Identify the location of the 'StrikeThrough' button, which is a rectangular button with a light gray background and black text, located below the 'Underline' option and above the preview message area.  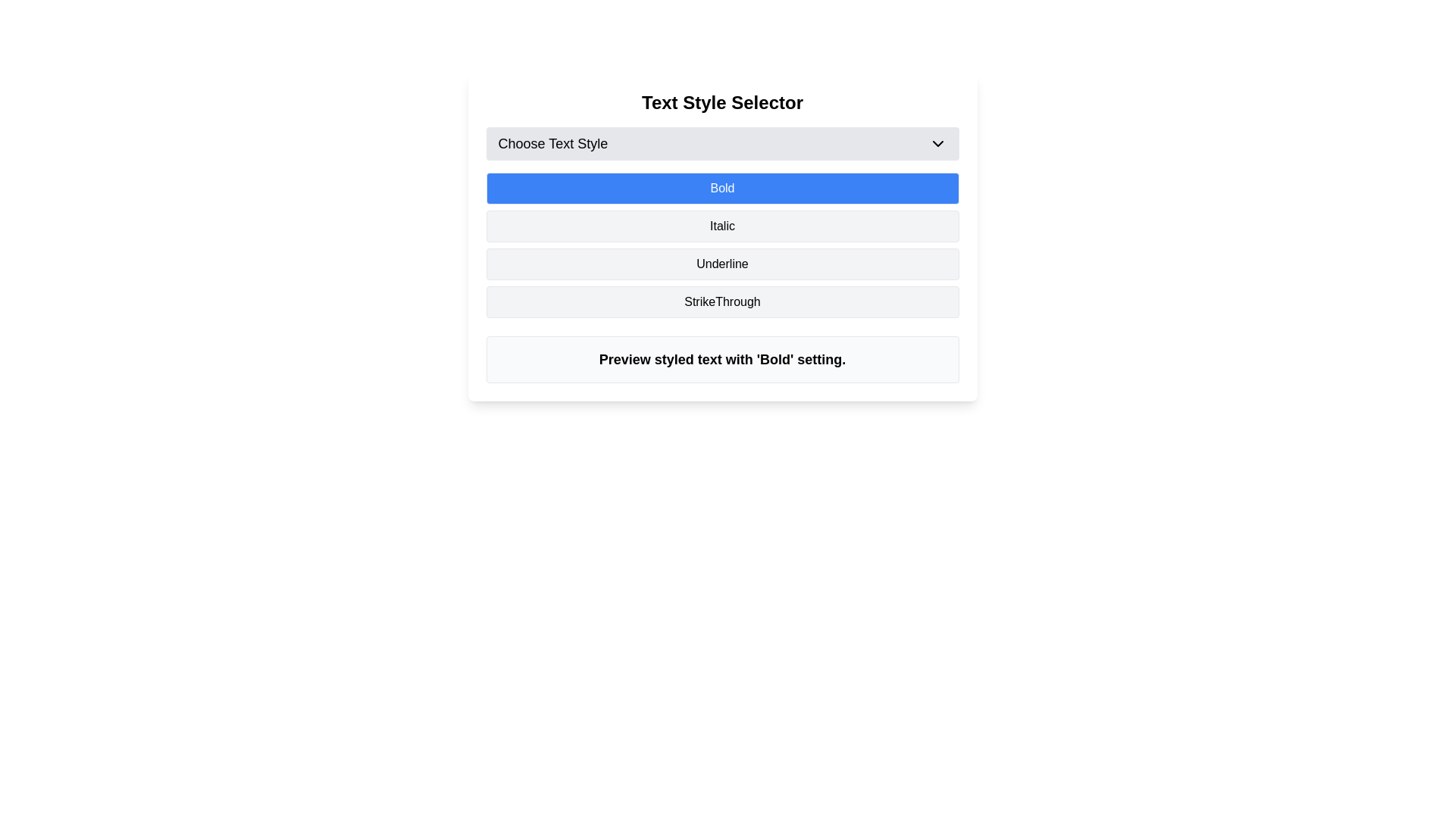
(721, 301).